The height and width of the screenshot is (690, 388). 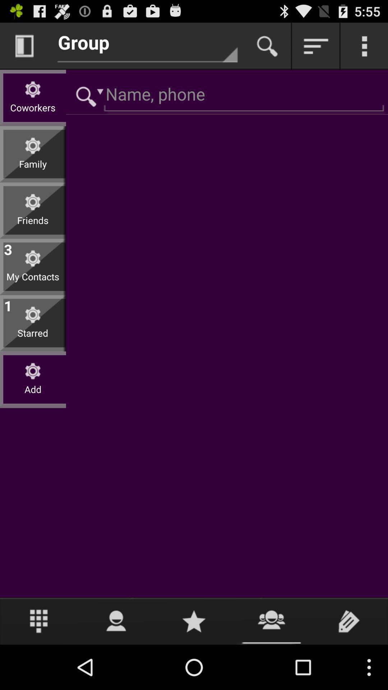 What do you see at coordinates (364, 46) in the screenshot?
I see `main menu` at bounding box center [364, 46].